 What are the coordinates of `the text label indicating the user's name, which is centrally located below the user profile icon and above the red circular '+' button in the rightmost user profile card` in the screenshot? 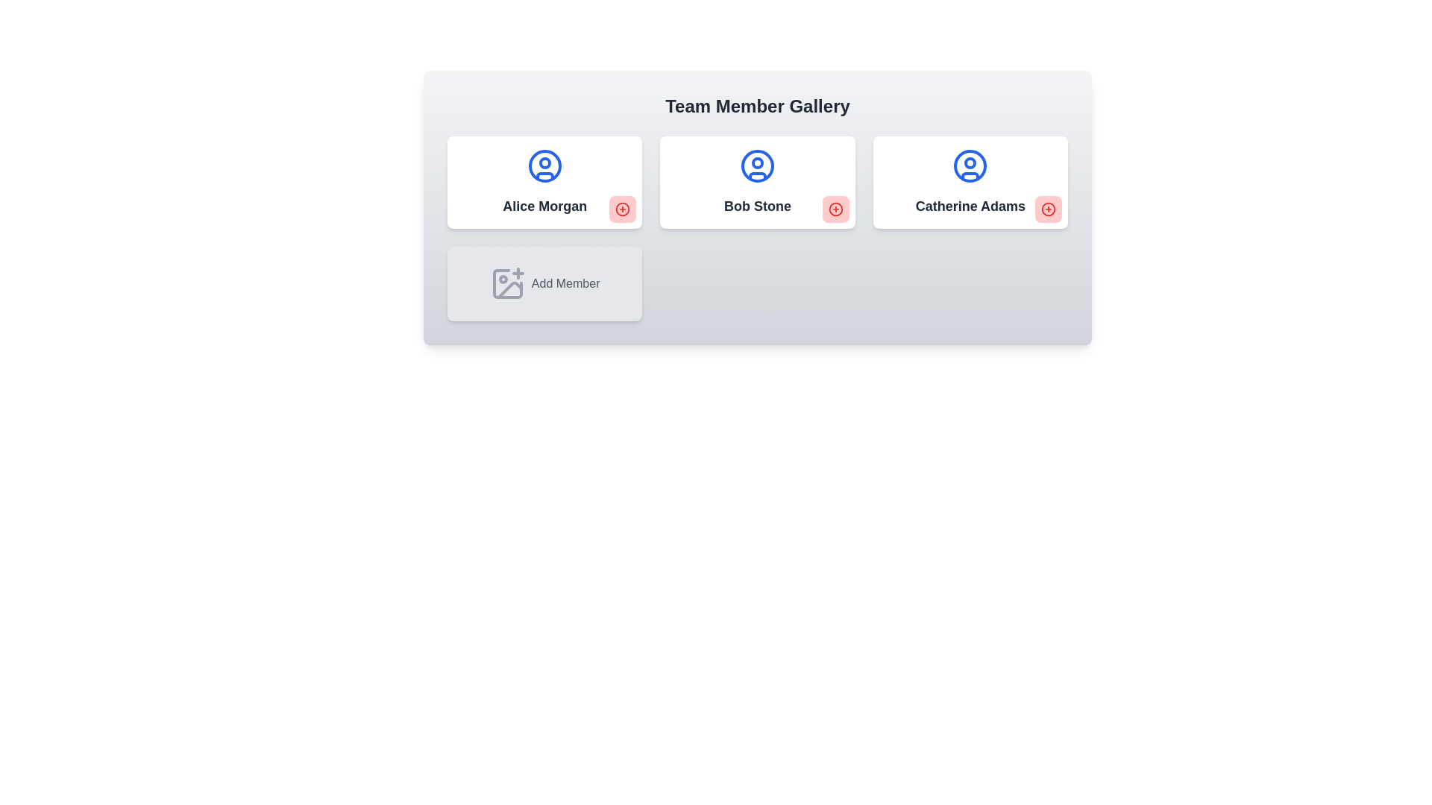 It's located at (970, 206).